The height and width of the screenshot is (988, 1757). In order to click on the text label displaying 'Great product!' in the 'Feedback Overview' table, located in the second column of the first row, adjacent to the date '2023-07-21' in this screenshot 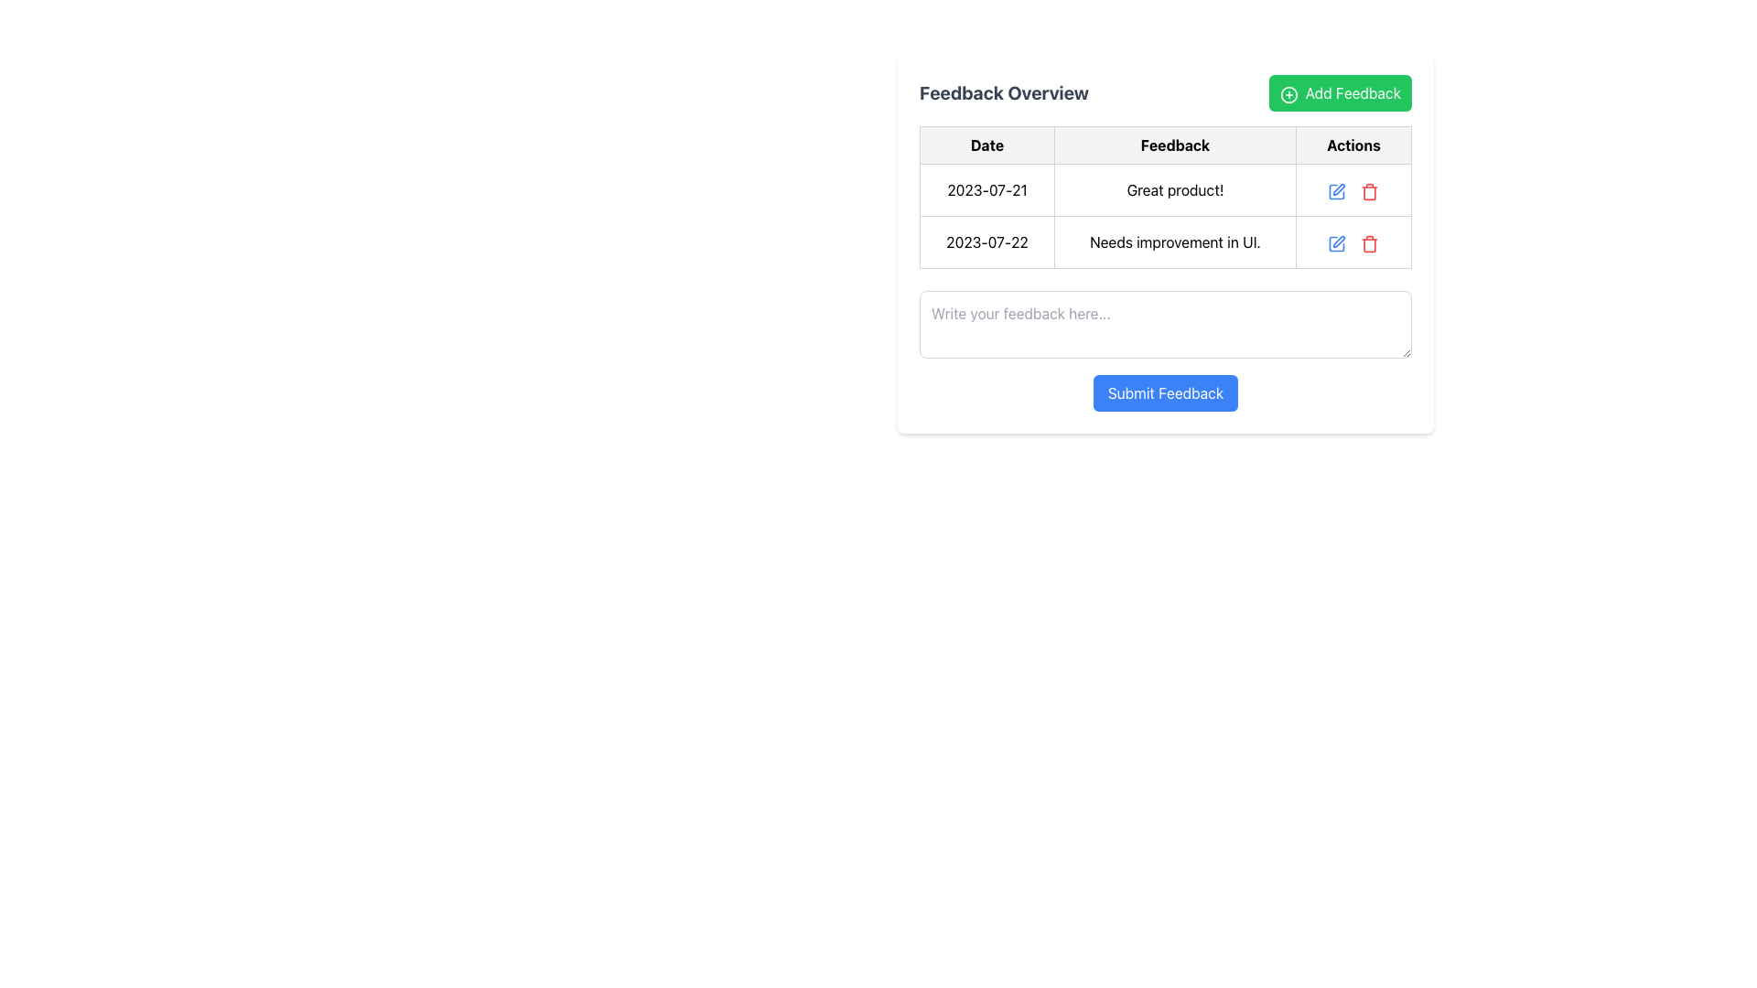, I will do `click(1175, 190)`.